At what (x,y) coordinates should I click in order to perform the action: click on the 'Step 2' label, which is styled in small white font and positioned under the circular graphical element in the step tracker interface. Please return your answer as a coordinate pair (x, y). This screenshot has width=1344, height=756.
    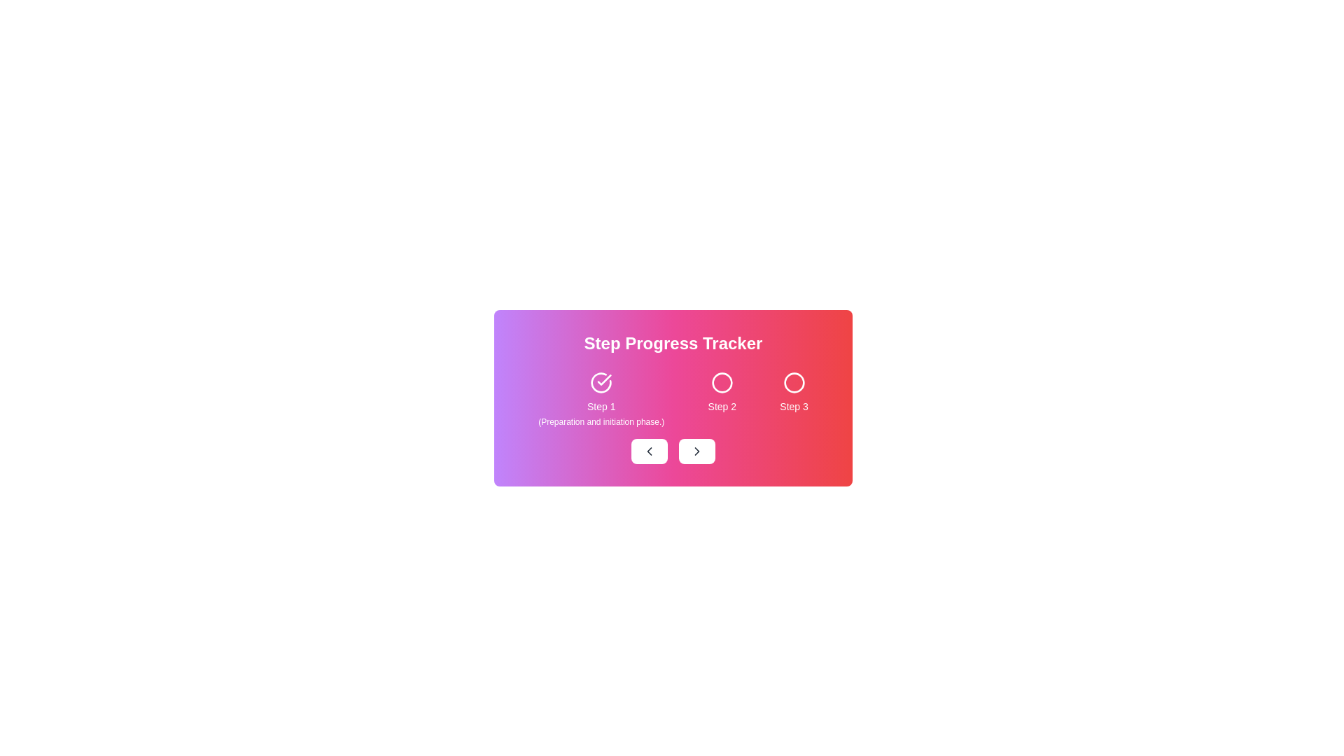
    Looking at the image, I should click on (722, 407).